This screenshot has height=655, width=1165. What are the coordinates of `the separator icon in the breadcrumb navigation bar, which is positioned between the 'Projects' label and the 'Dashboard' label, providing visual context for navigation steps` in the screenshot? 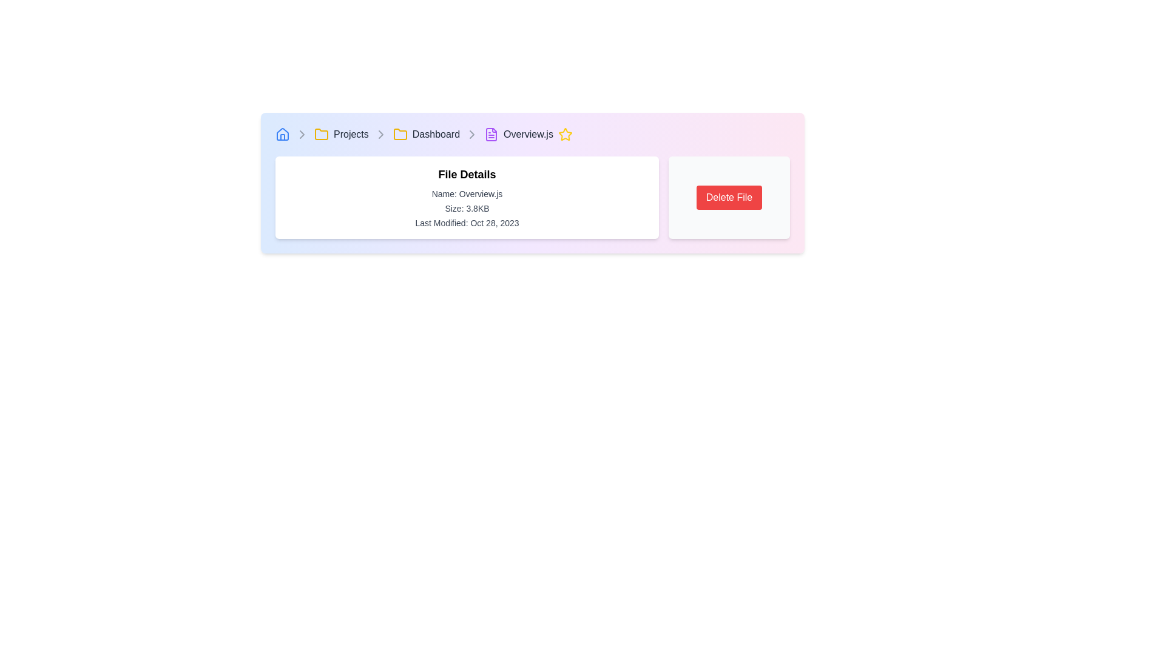 It's located at (380, 135).